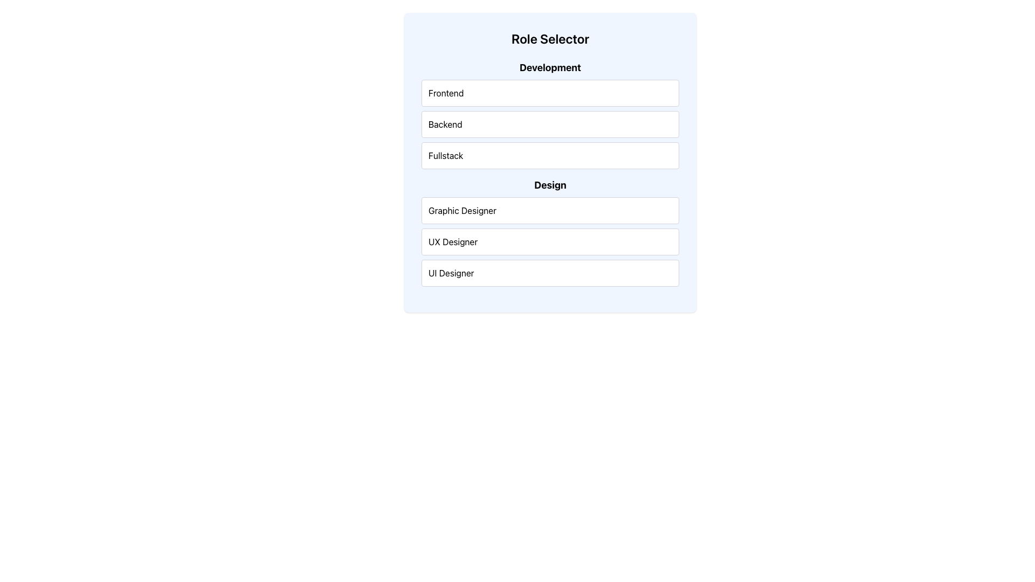 The image size is (1035, 582). Describe the element at coordinates (550, 68) in the screenshot. I see `the bold text label at the top of the 'Development' section in the role selection interface` at that location.